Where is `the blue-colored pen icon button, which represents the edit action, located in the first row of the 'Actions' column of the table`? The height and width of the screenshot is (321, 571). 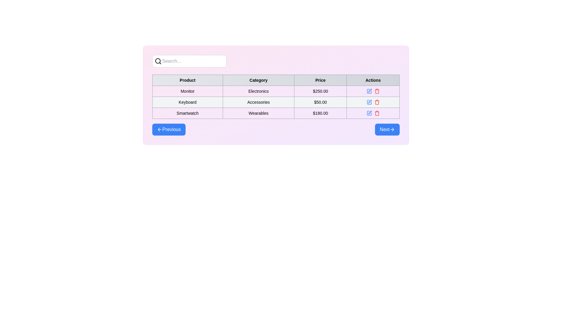
the blue-colored pen icon button, which represents the edit action, located in the first row of the 'Actions' column of the table is located at coordinates (369, 91).